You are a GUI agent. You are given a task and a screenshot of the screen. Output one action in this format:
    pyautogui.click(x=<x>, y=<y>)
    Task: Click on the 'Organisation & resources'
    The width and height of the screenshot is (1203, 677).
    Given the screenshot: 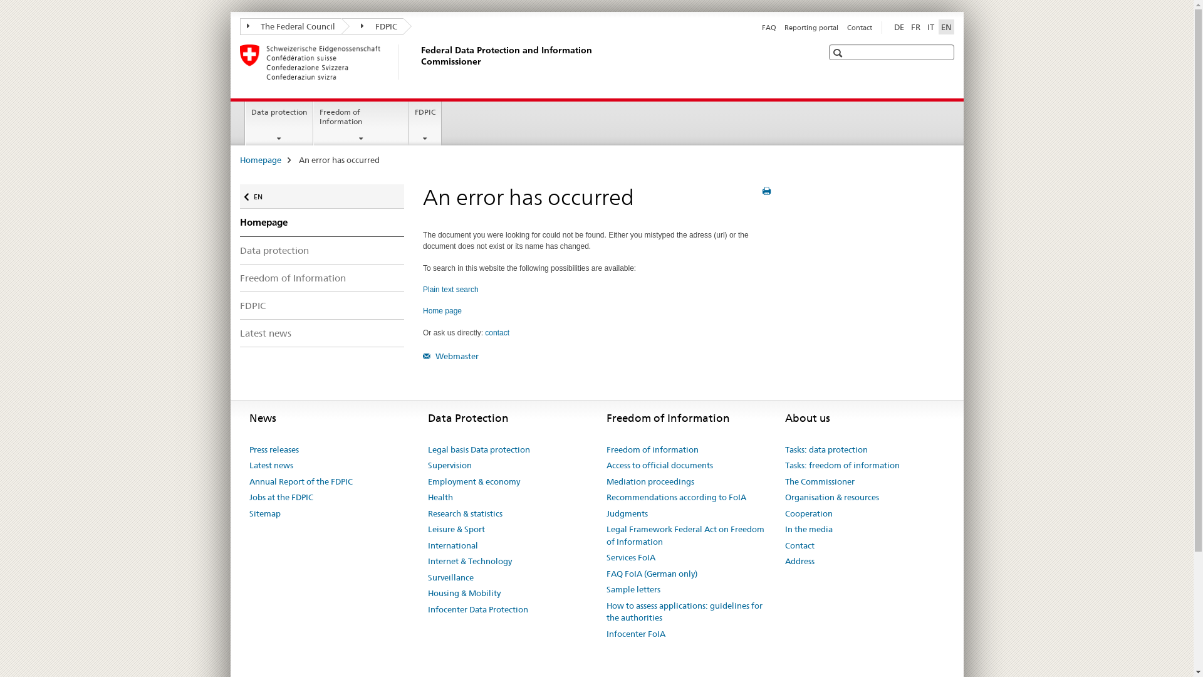 What is the action you would take?
    pyautogui.click(x=784, y=497)
    